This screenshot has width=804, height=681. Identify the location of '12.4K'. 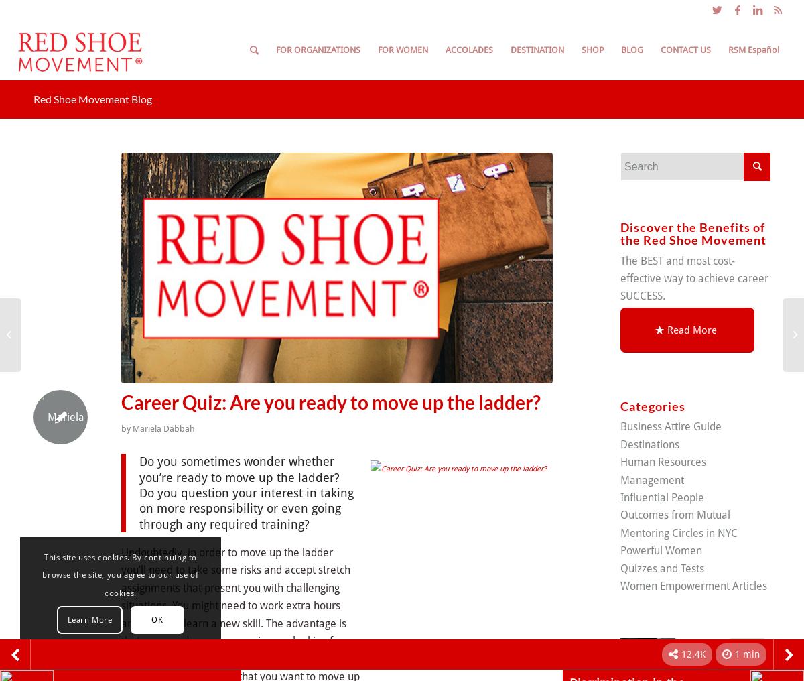
(693, 654).